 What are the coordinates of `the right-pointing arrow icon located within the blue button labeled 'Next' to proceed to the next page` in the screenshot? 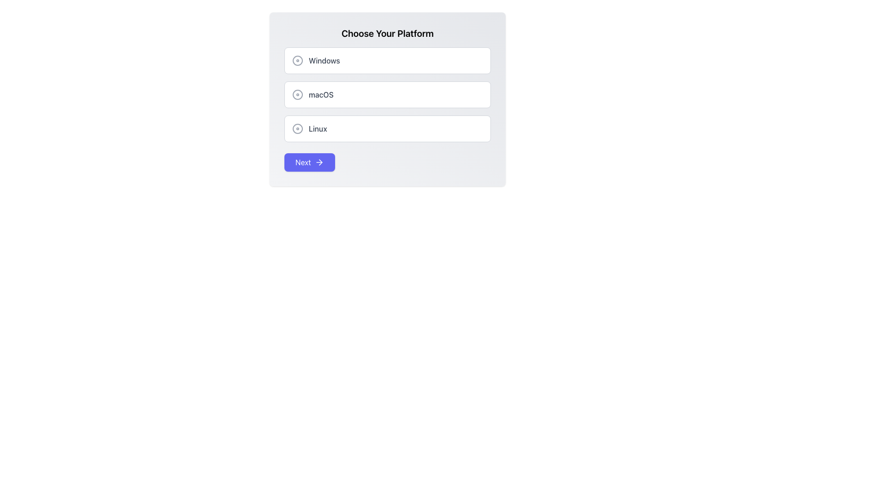 It's located at (319, 162).